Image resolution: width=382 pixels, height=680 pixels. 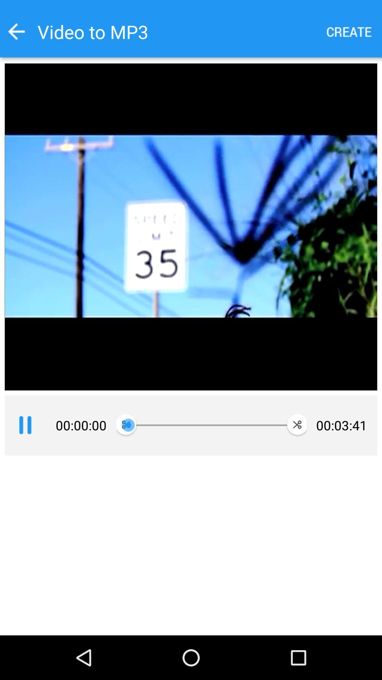 I want to click on a new option, so click(x=349, y=31).